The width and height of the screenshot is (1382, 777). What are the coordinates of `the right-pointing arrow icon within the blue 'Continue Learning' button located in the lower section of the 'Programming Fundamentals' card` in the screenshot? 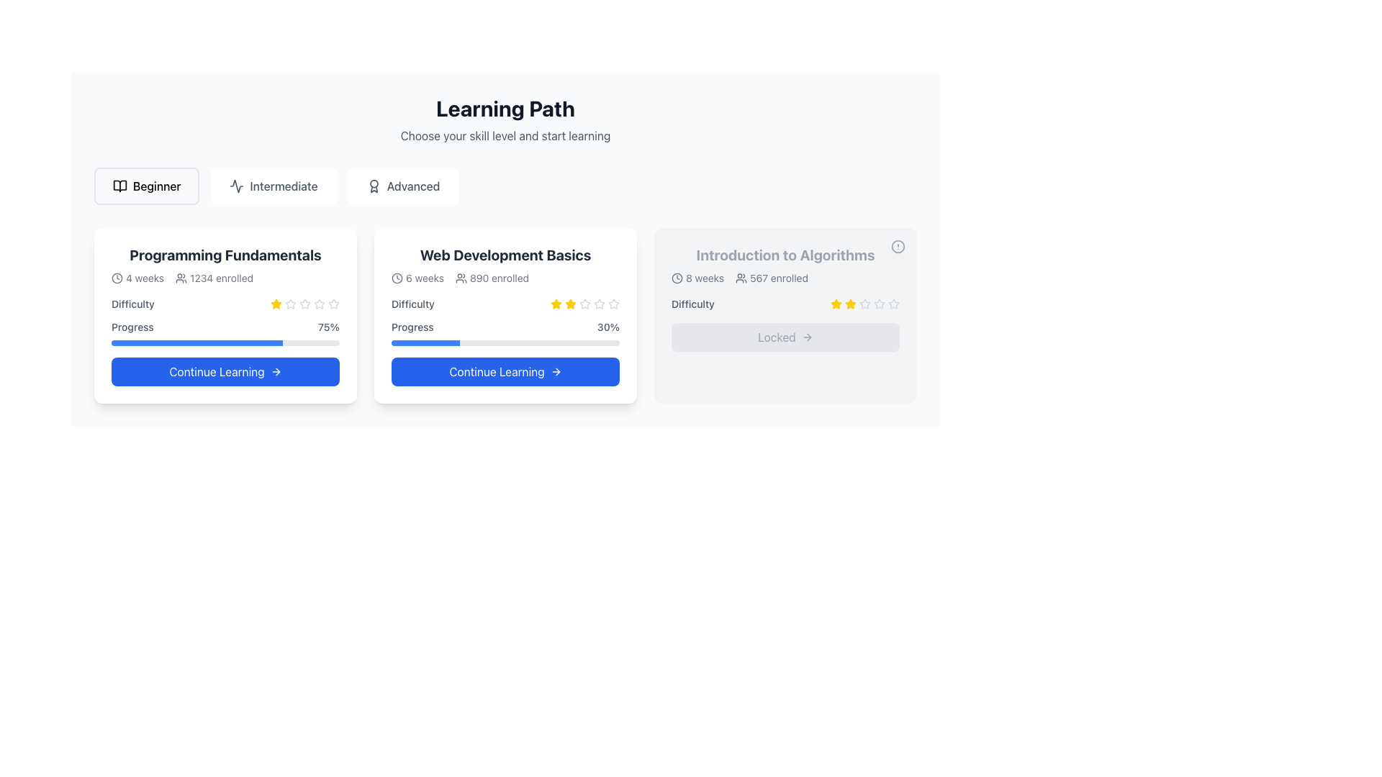 It's located at (276, 371).